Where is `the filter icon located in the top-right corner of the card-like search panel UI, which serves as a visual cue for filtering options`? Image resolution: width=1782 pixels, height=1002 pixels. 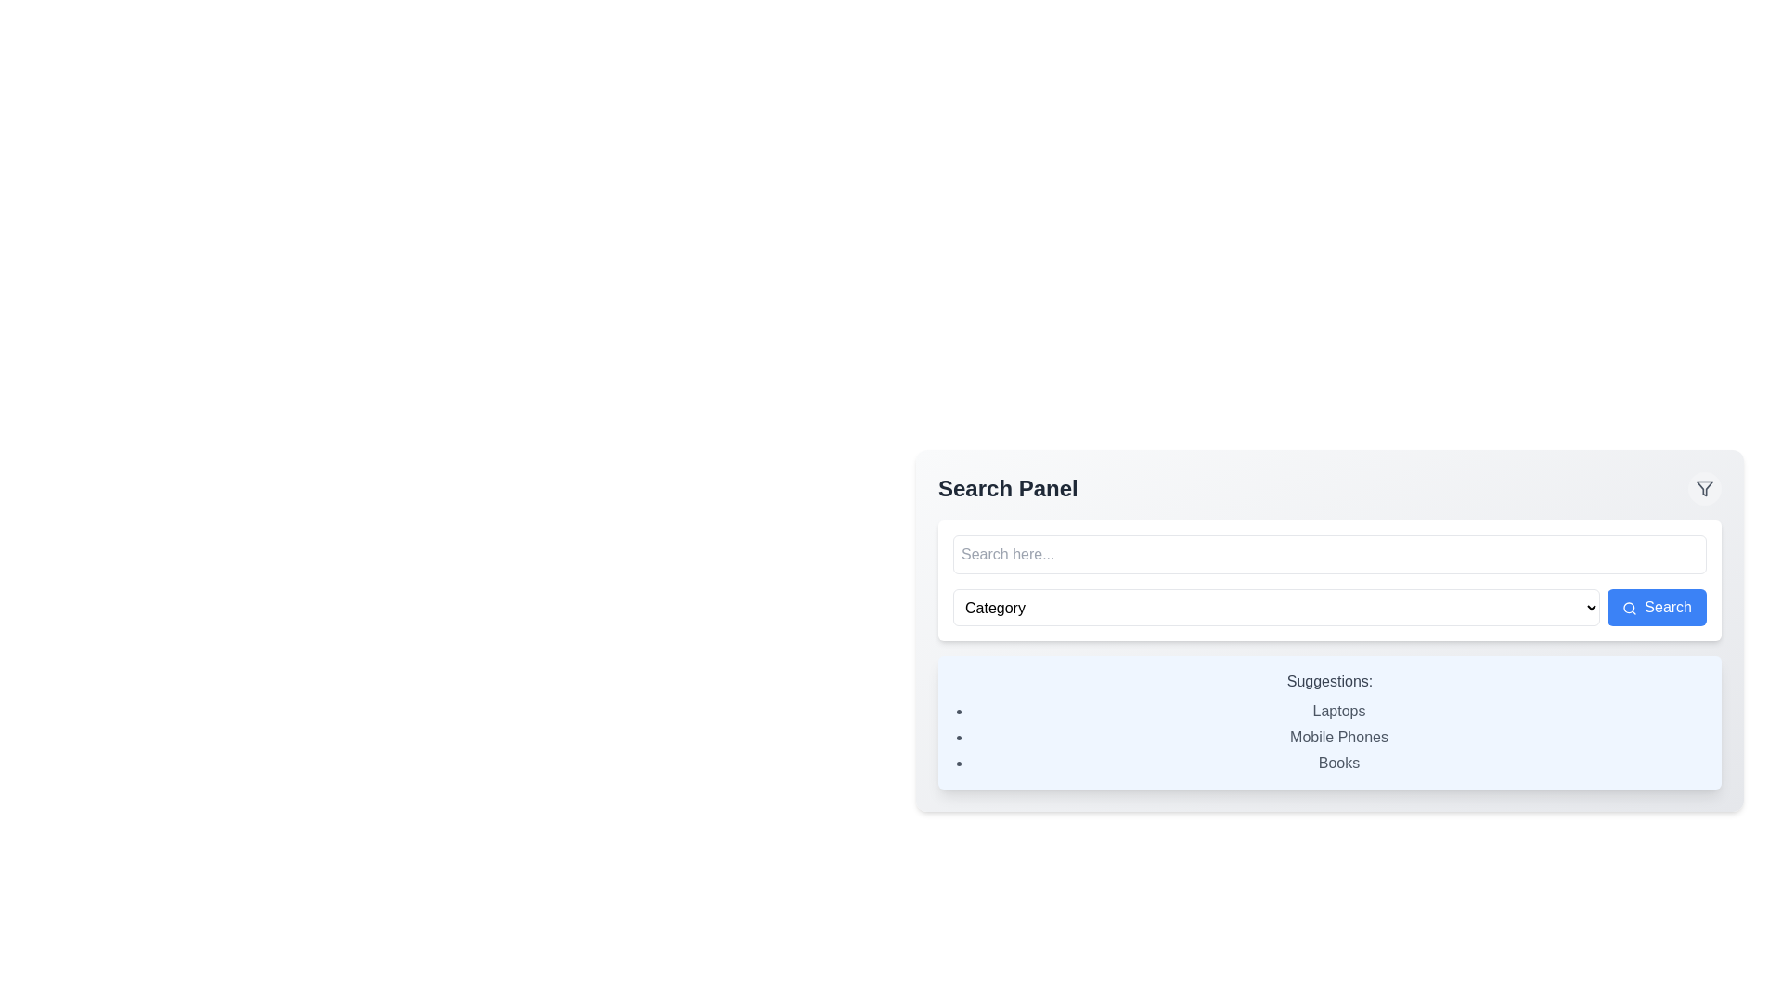 the filter icon located in the top-right corner of the card-like search panel UI, which serves as a visual cue for filtering options is located at coordinates (1705, 488).